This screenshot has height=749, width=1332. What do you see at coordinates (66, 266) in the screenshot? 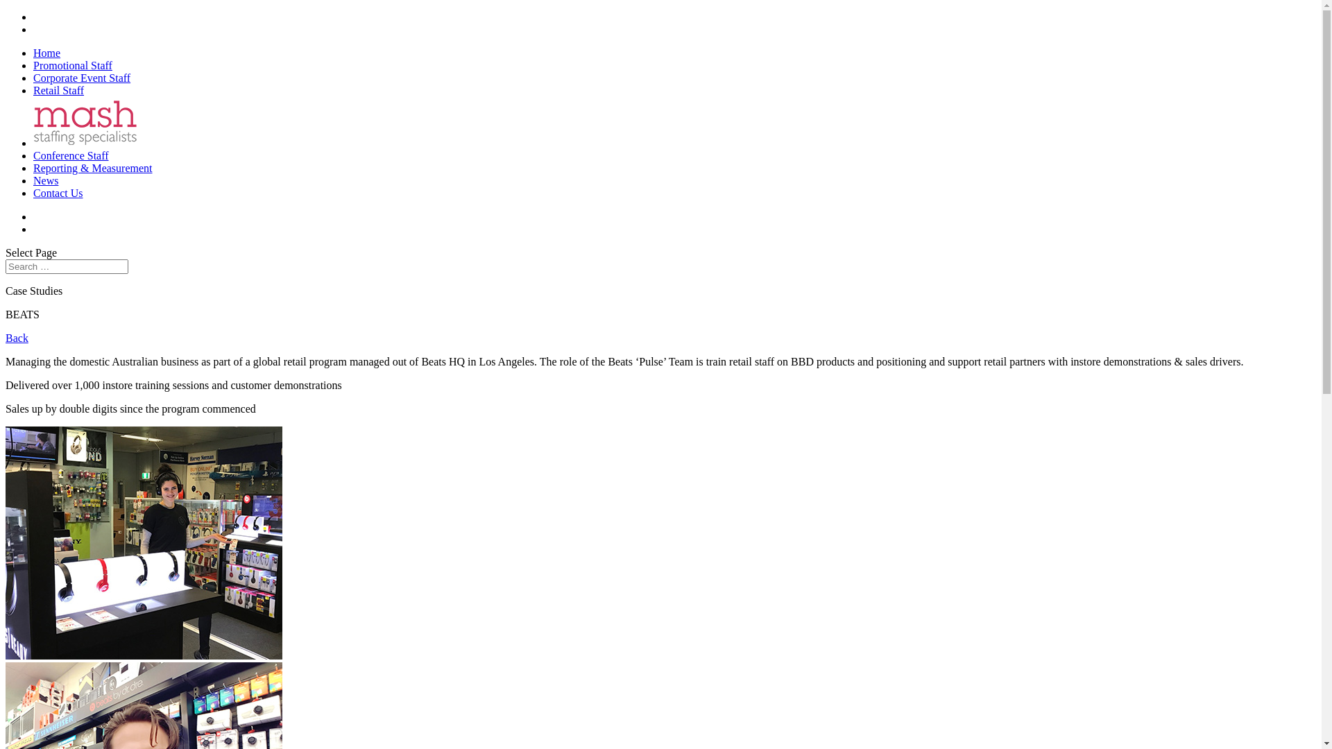
I see `'Search for:'` at bounding box center [66, 266].